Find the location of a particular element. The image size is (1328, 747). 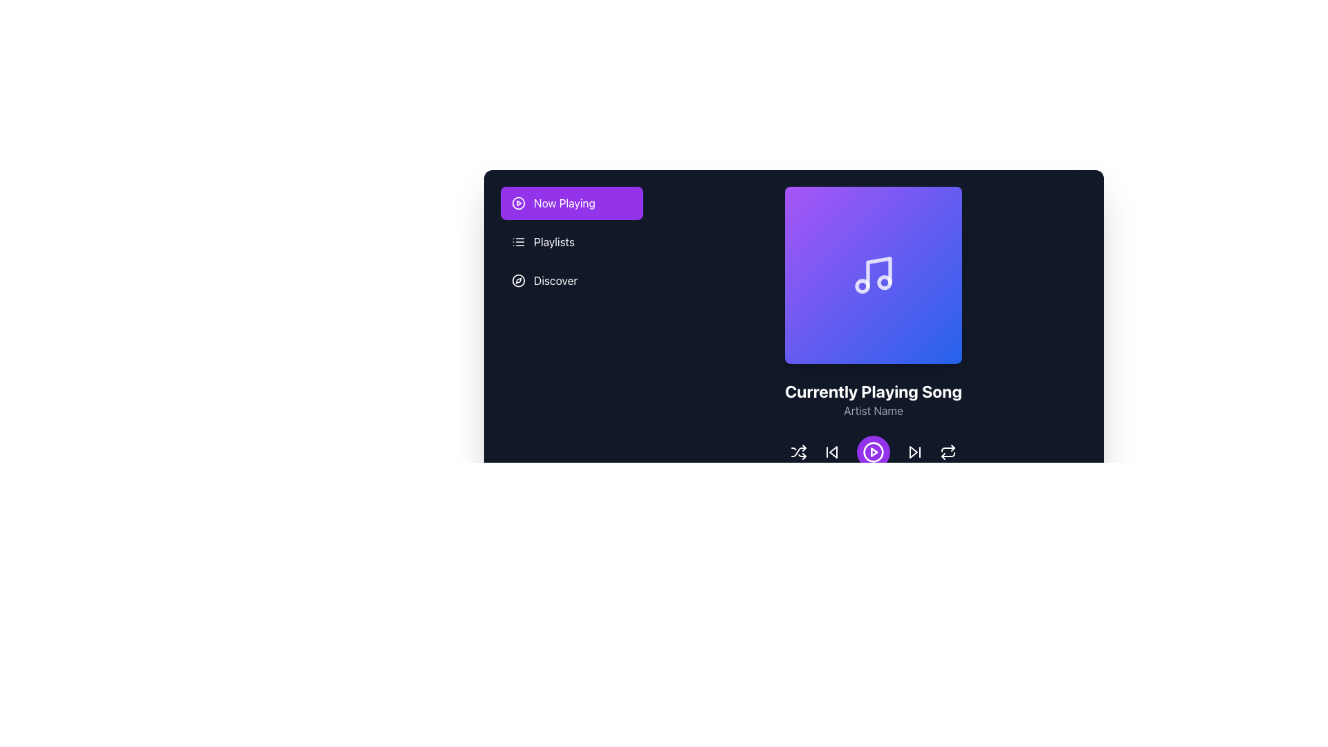

the third circular icon located within the broader musical note icon, which is styled with a circular design and situated inside a square graphic area with a gradient blue background is located at coordinates (883, 282).